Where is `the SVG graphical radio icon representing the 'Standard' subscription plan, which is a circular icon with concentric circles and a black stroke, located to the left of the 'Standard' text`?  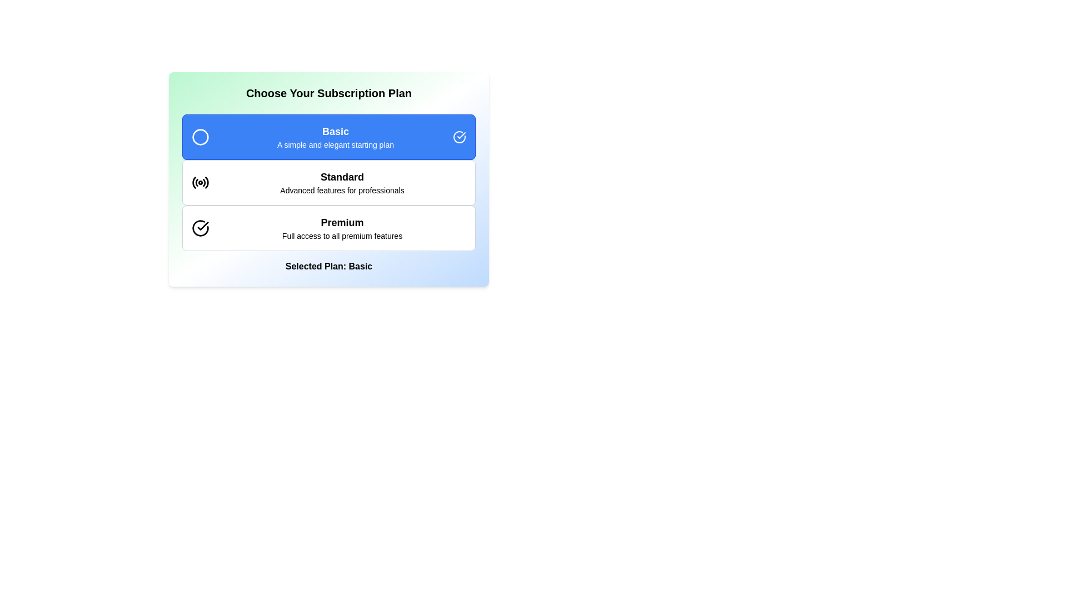
the SVG graphical radio icon representing the 'Standard' subscription plan, which is a circular icon with concentric circles and a black stroke, located to the left of the 'Standard' text is located at coordinates (200, 182).